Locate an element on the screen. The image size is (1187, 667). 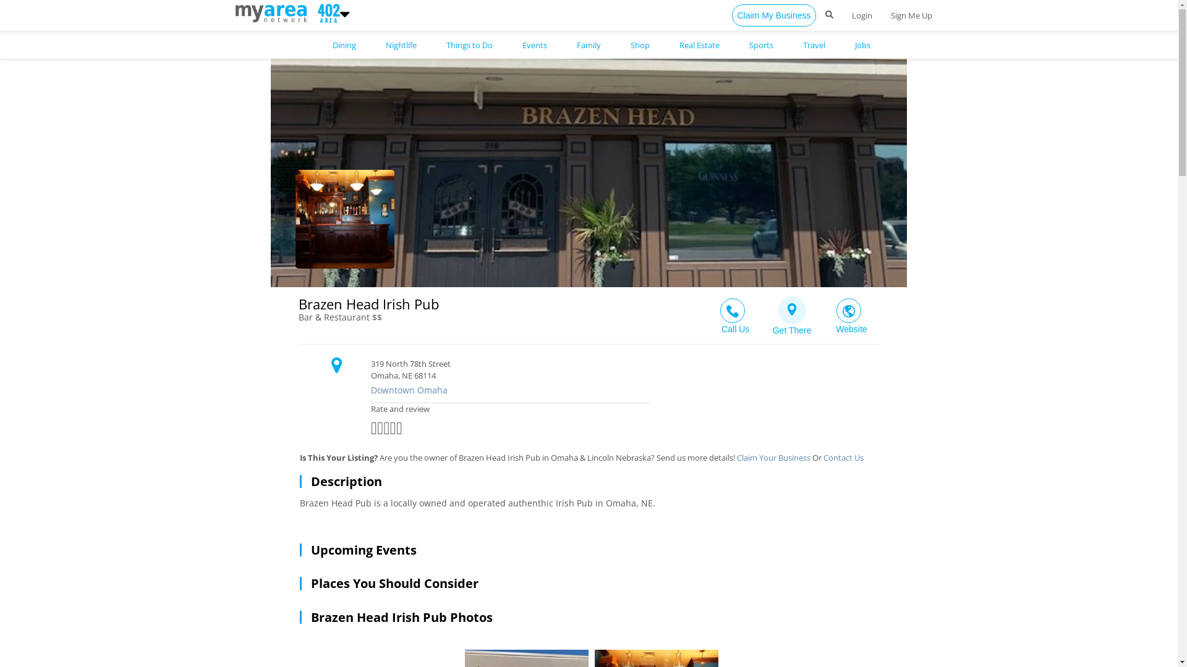
'Real Estate' is located at coordinates (699, 44).